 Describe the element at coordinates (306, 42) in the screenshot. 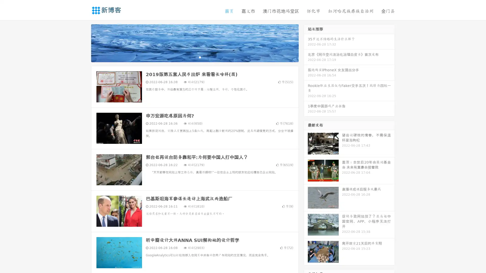

I see `Next slide` at that location.